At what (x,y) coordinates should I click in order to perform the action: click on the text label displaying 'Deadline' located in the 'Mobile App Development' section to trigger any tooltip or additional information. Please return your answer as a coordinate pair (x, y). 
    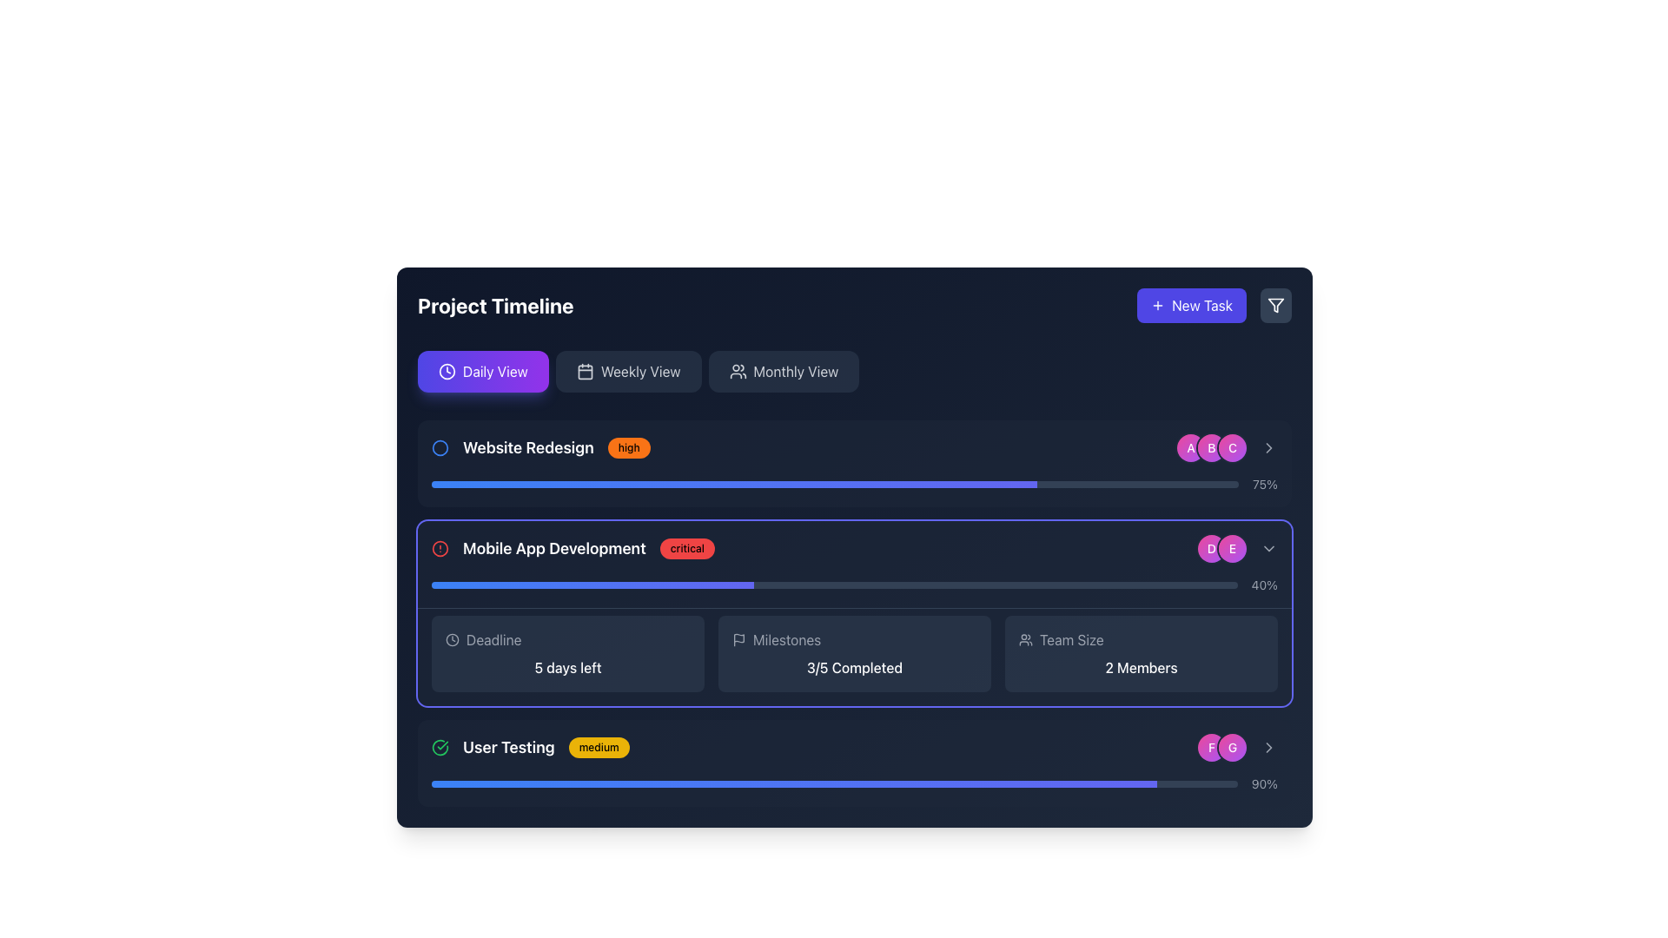
    Looking at the image, I should click on (493, 639).